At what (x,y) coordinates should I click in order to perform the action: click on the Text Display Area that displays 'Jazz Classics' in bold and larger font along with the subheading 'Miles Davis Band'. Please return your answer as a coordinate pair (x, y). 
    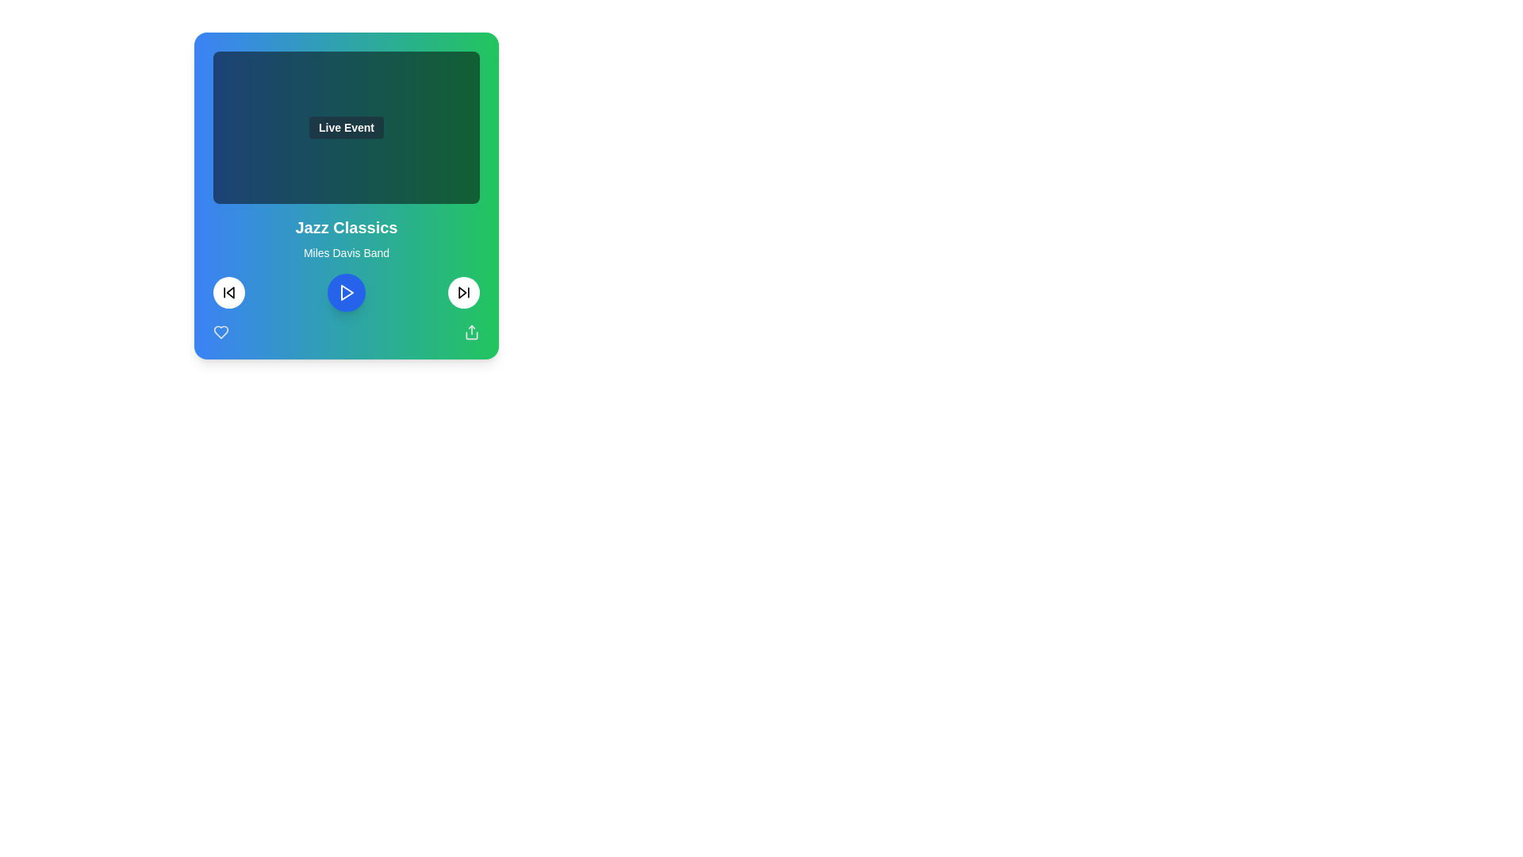
    Looking at the image, I should click on (345, 238).